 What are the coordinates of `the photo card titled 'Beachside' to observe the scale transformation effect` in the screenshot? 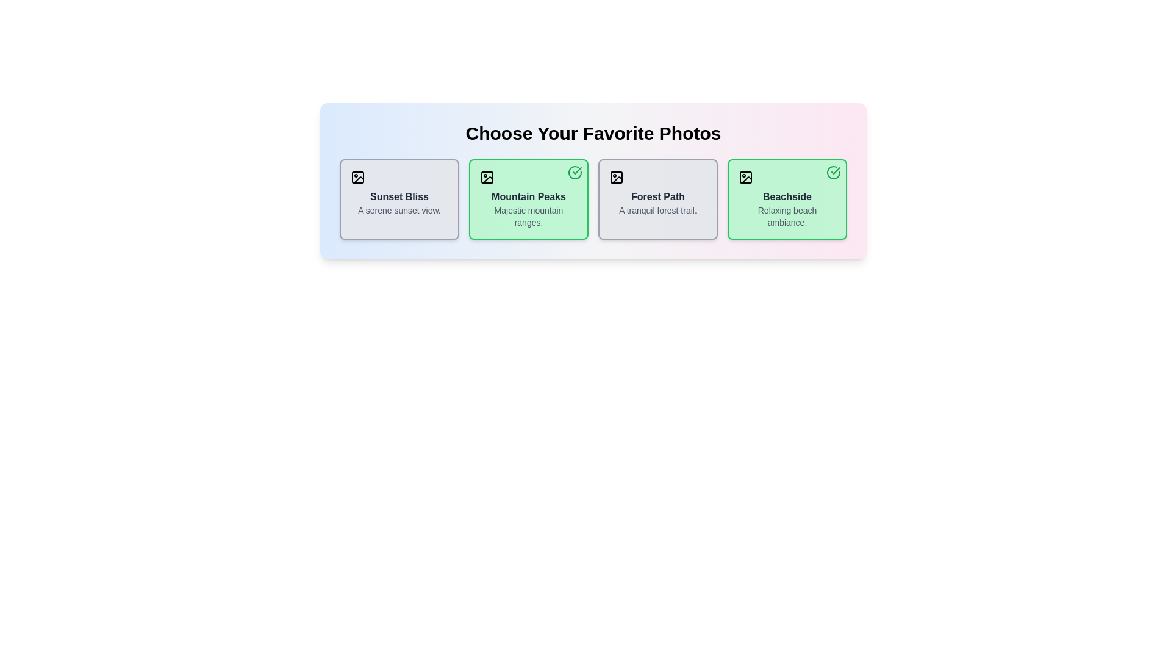 It's located at (787, 199).